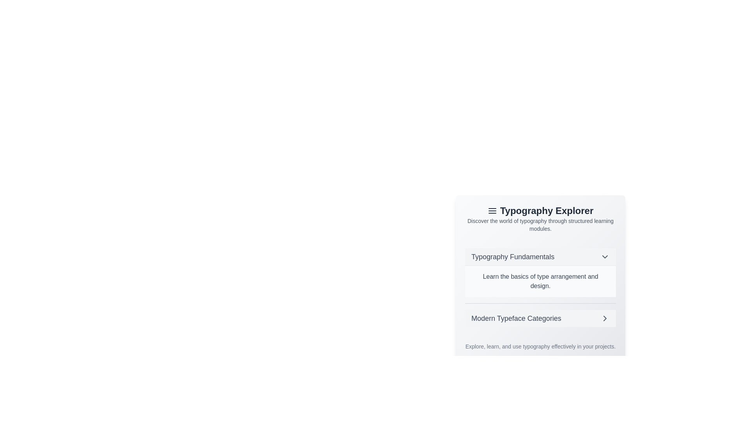 This screenshot has width=748, height=421. I want to click on the clickable section header or menu item for 'Typography Fundamentals', which is located at the top center of the card, positioned above the description text and below the header 'Typography Explorer', so click(540, 257).